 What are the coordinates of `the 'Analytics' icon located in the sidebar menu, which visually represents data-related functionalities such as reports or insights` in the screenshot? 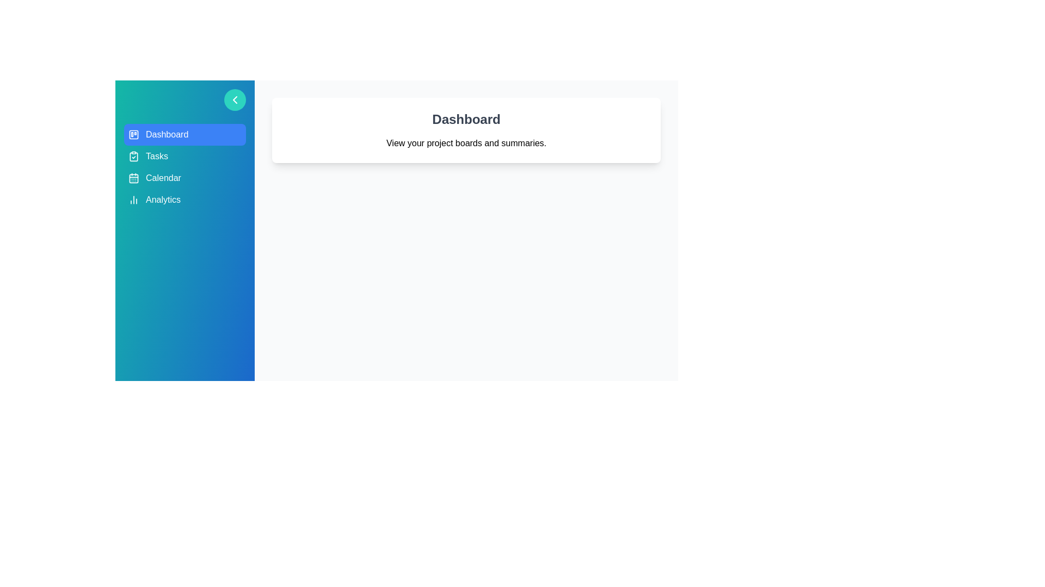 It's located at (133, 199).